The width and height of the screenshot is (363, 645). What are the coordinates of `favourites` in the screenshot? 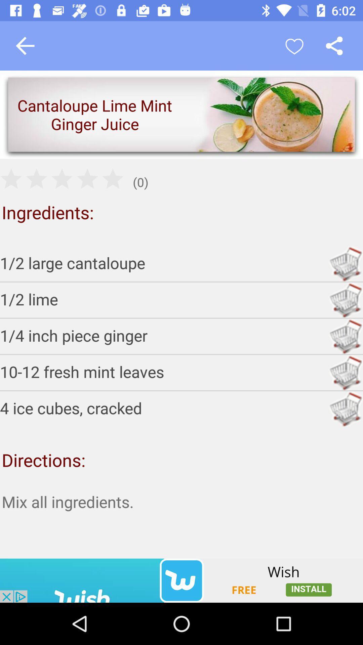 It's located at (294, 45).